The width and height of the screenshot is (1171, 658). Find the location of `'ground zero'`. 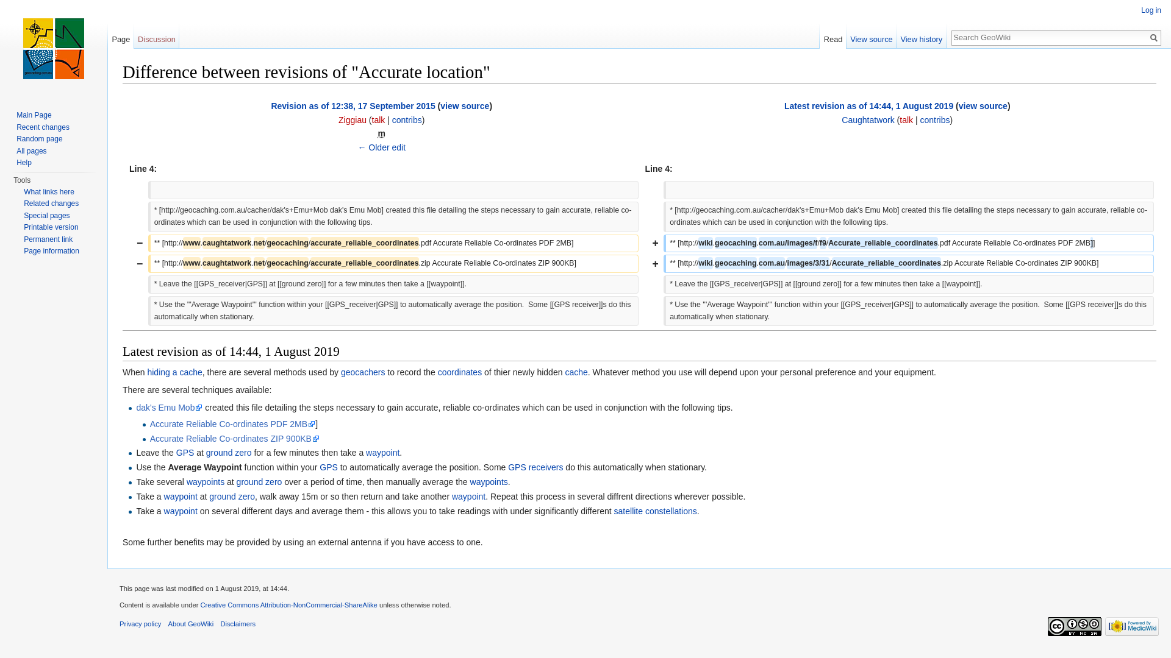

'ground zero' is located at coordinates (259, 481).